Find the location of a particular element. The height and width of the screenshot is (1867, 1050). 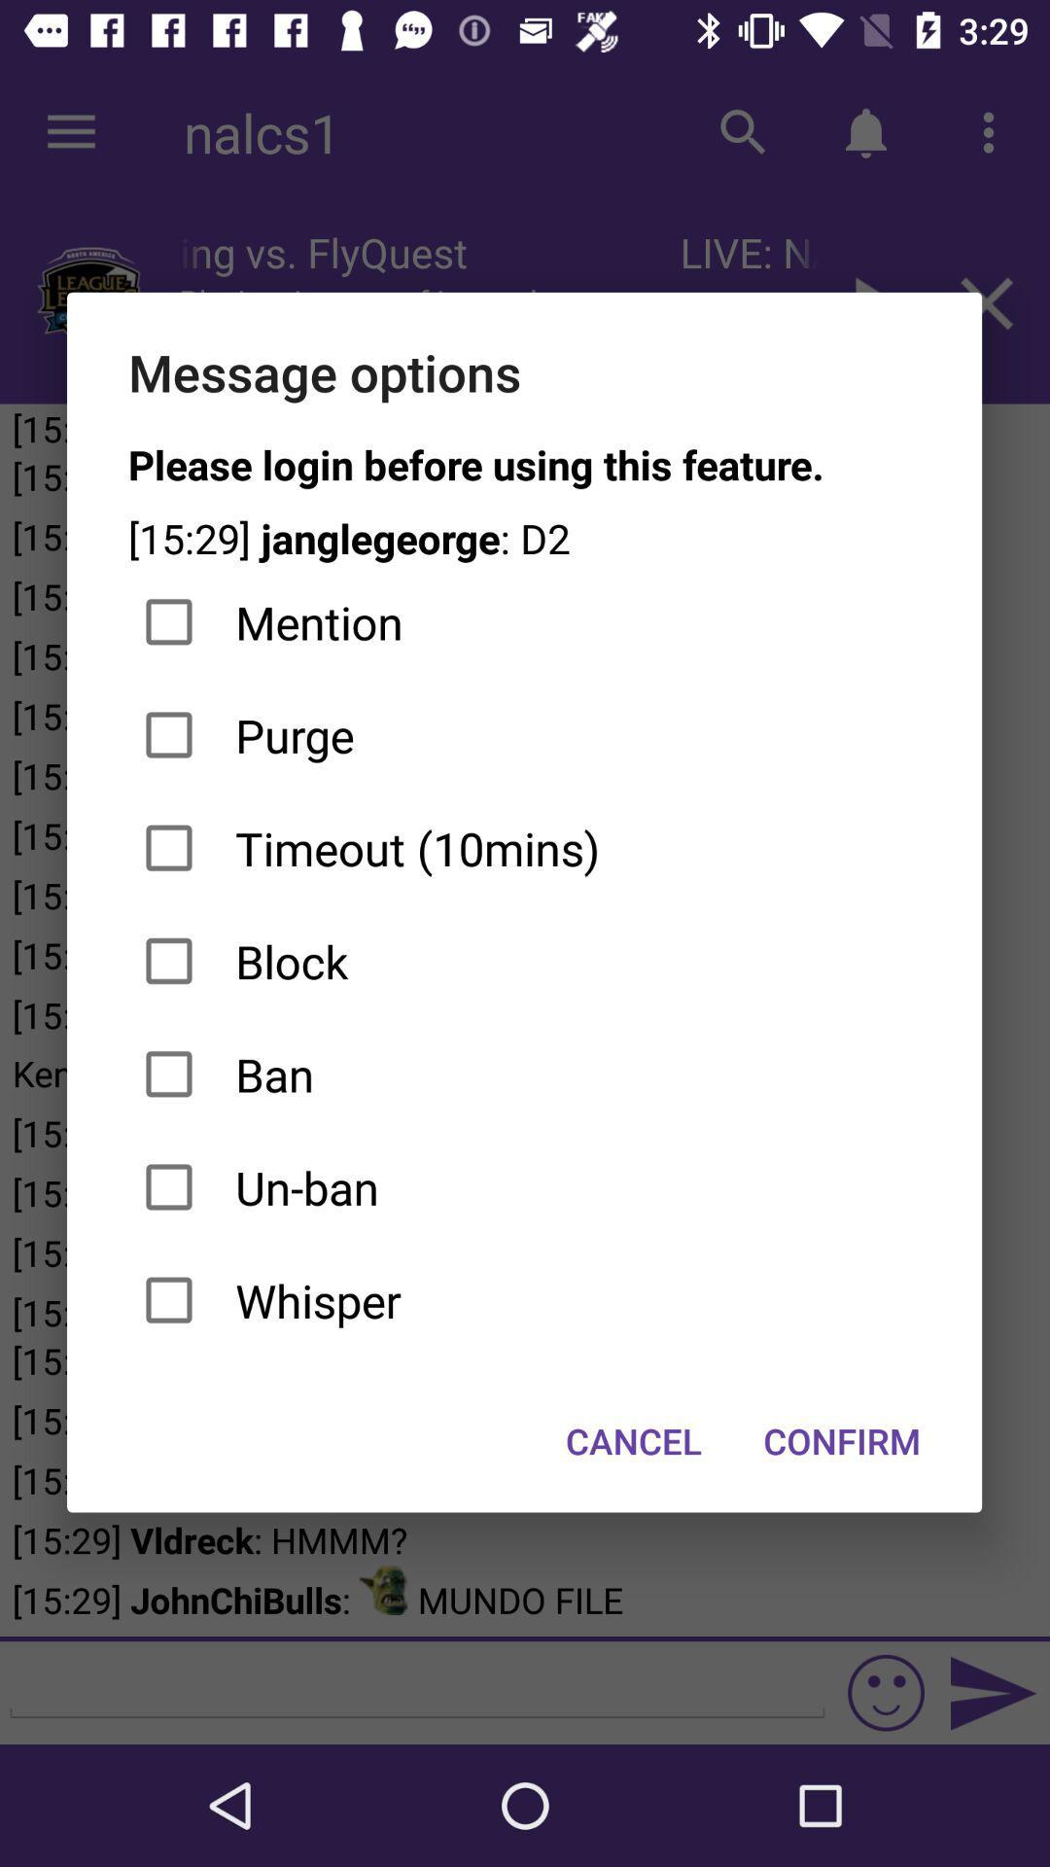

the item above cancel item is located at coordinates (523, 1300).